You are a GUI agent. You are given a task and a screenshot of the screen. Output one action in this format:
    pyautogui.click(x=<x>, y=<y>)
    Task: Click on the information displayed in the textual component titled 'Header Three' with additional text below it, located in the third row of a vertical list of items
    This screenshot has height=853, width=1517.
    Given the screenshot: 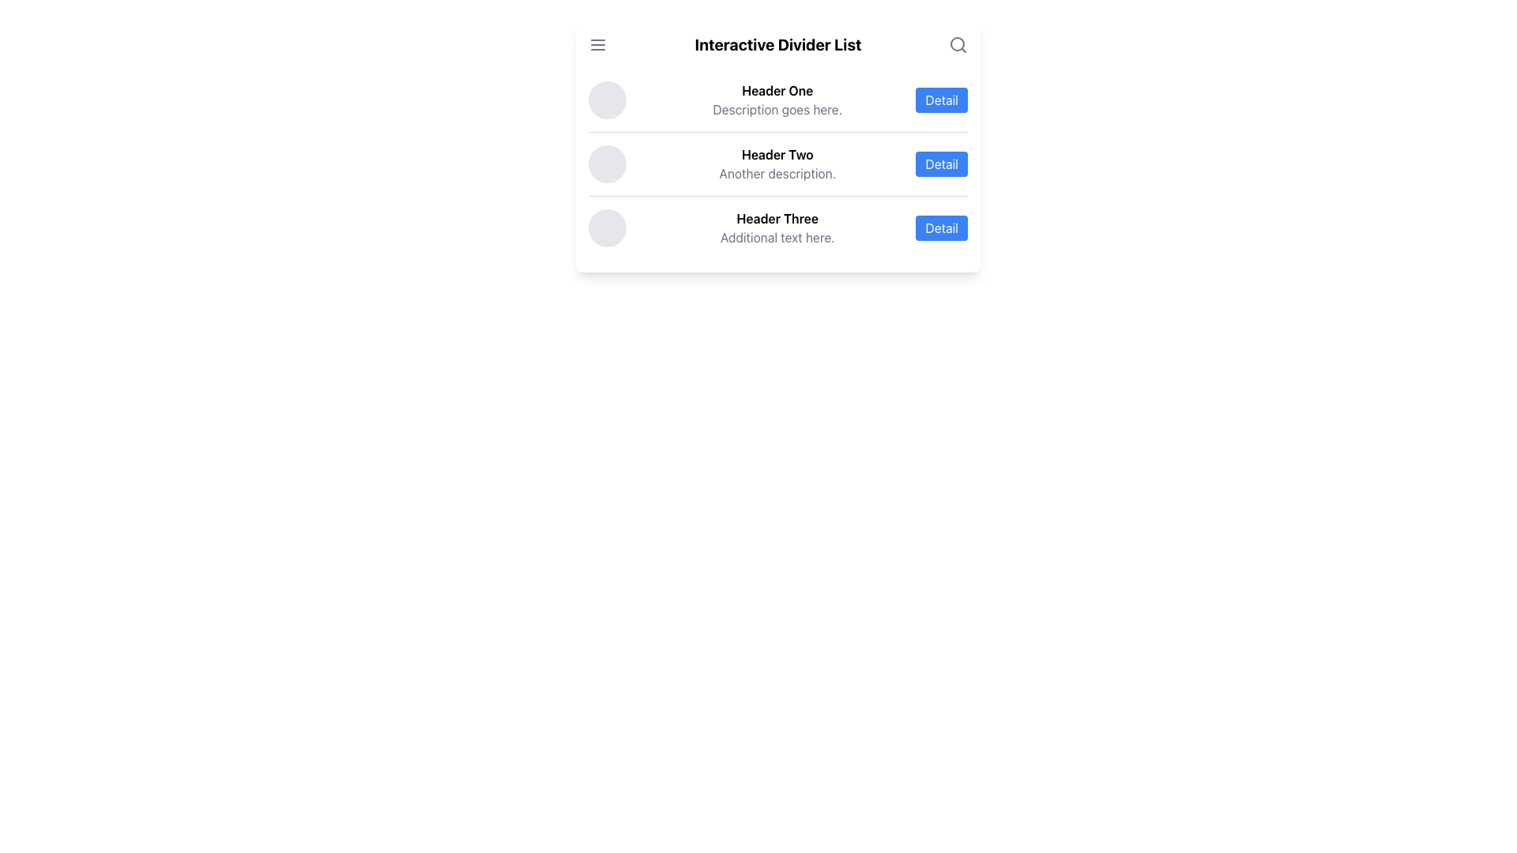 What is the action you would take?
    pyautogui.click(x=777, y=228)
    